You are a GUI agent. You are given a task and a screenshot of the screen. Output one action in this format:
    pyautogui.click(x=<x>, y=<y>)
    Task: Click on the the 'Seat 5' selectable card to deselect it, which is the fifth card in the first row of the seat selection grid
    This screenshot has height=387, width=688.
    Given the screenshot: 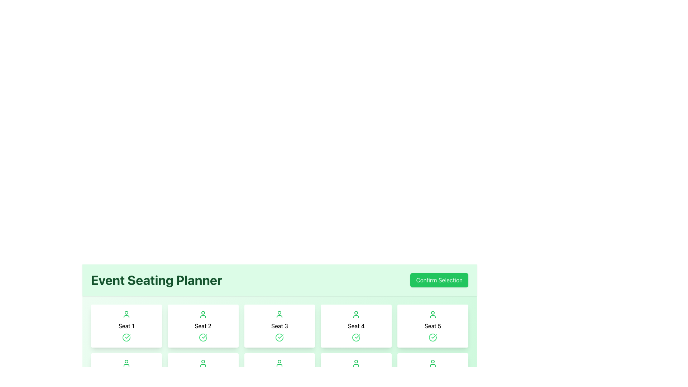 What is the action you would take?
    pyautogui.click(x=433, y=326)
    